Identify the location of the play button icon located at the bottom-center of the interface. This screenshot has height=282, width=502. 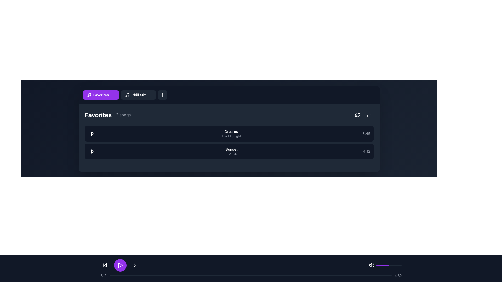
(120, 265).